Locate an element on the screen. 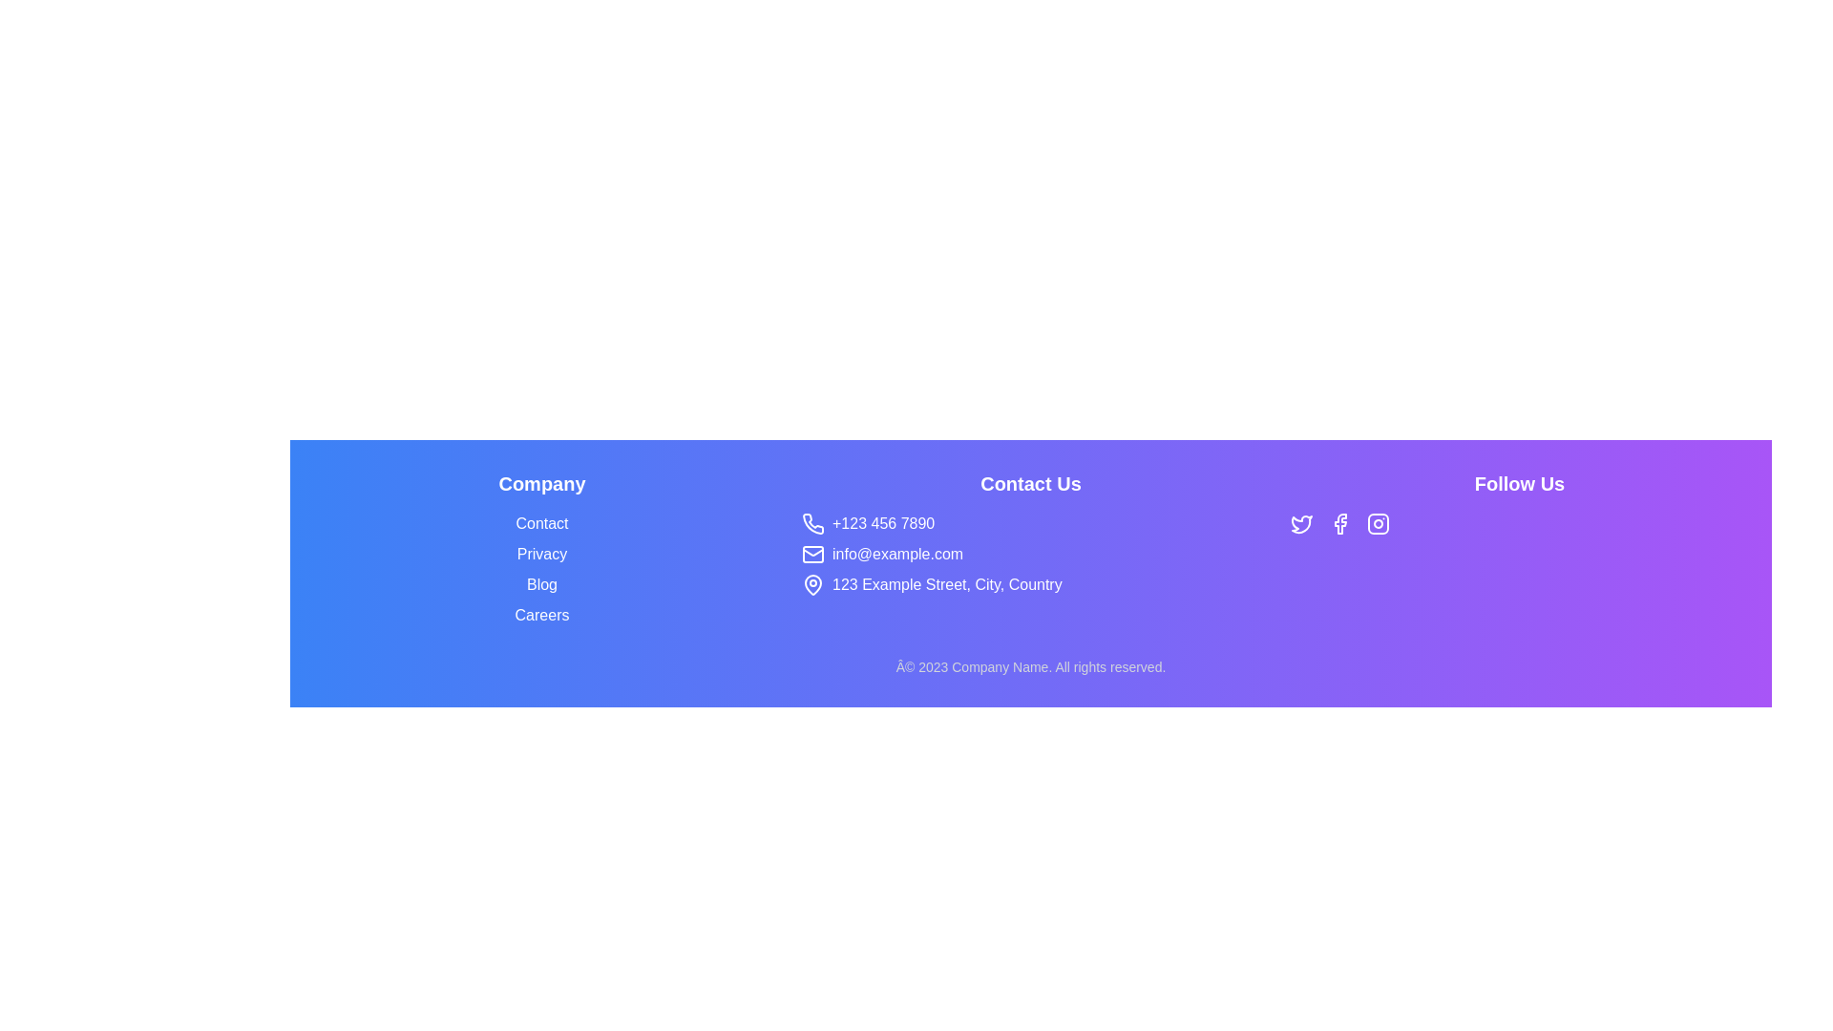 This screenshot has height=1031, width=1833. the Address display element featuring a map pin icon and the text '123 Example Street, City, Country', which is located in the footer of the 'Contact Us' section is located at coordinates (1030, 584).